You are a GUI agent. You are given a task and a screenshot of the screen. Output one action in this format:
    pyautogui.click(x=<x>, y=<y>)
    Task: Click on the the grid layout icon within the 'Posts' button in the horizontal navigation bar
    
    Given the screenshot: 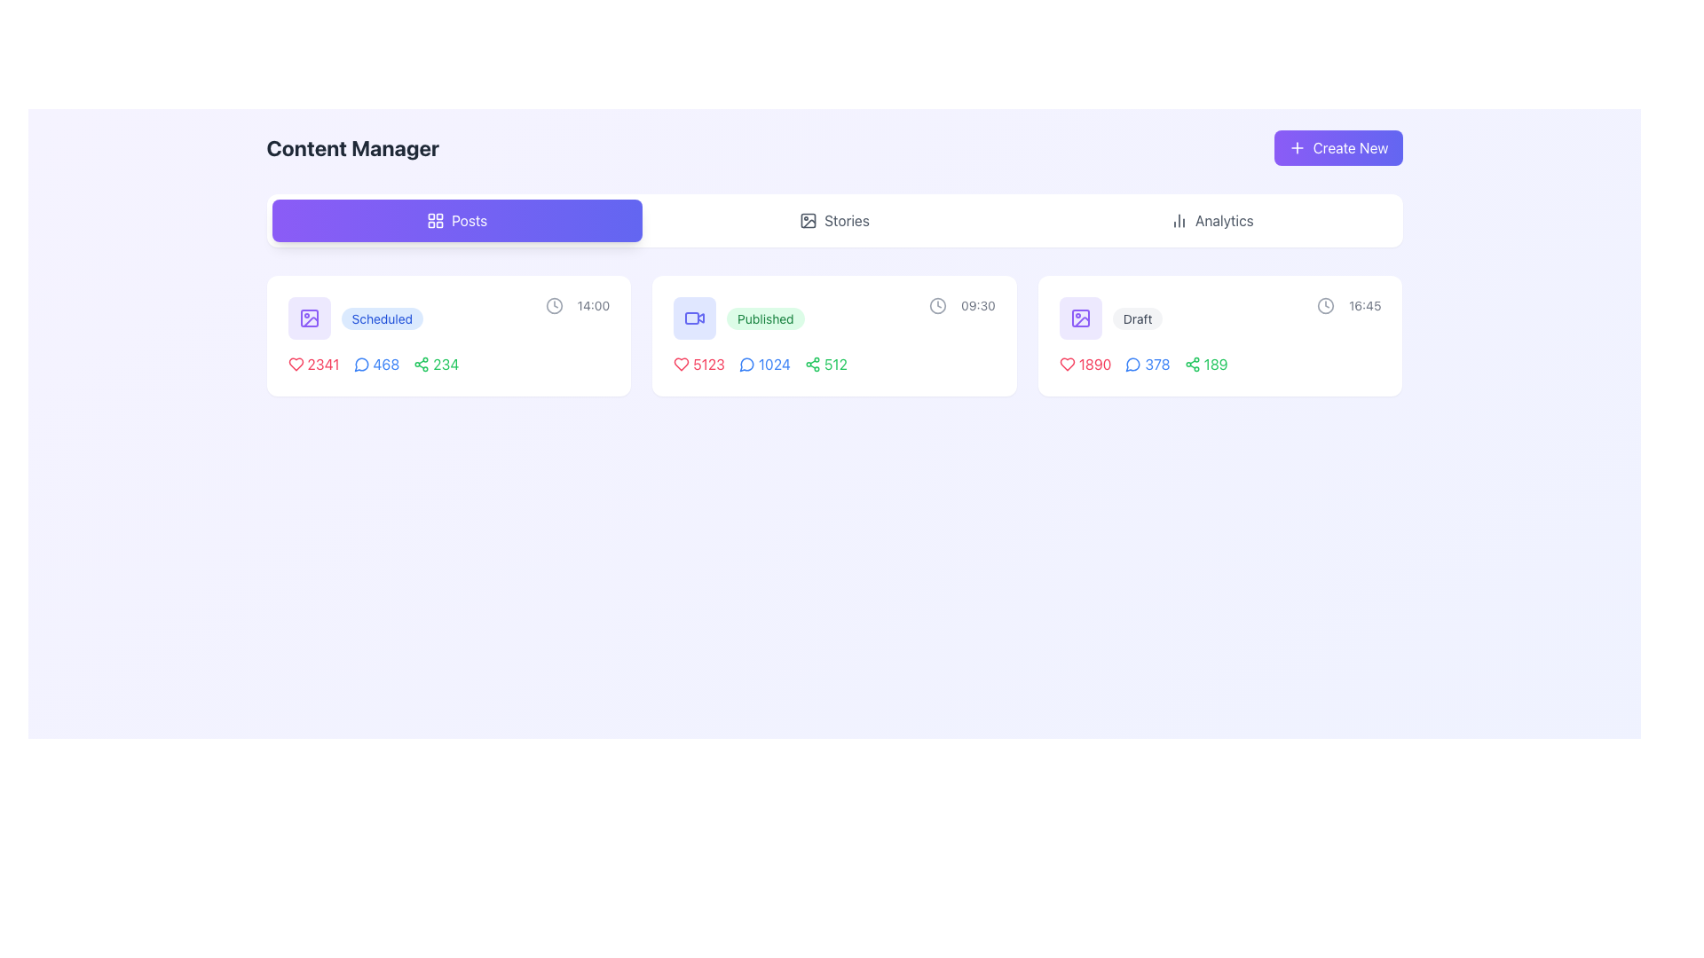 What is the action you would take?
    pyautogui.click(x=436, y=220)
    